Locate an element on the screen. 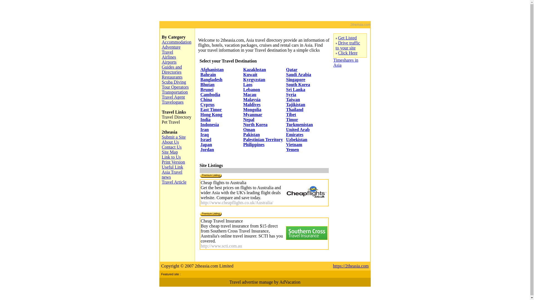  'Travel Article' is located at coordinates (174, 182).